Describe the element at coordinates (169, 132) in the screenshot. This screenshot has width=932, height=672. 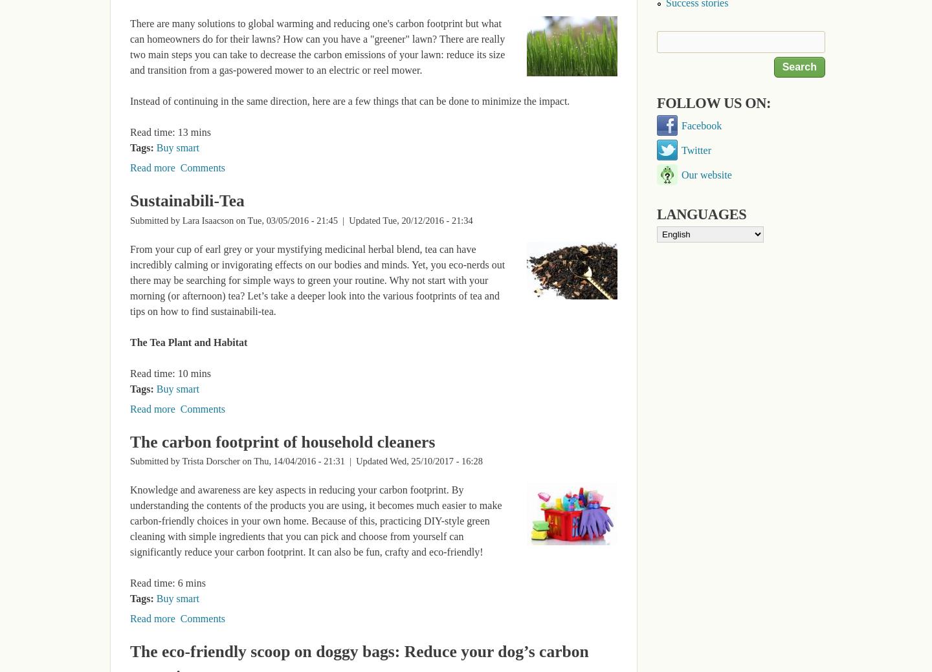
I see `'Read time: 13 mins'` at that location.